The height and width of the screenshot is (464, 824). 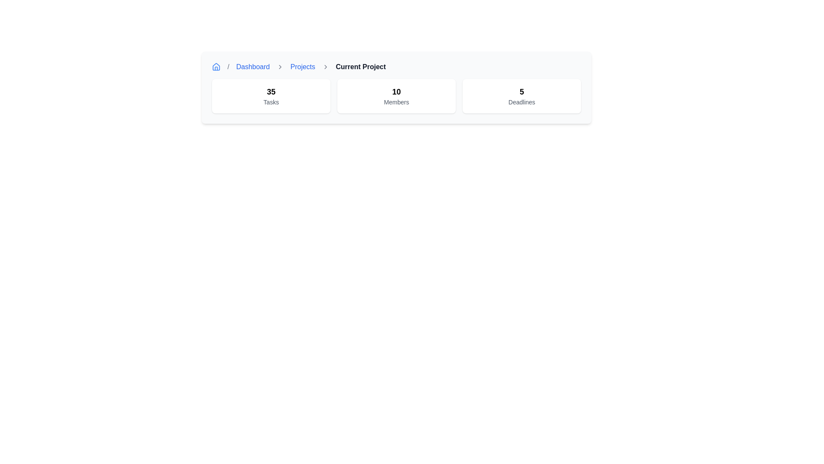 I want to click on the second chevron icon in the breadcrumb navigation bar, which serves as a visual separator and directional indicator, located between the 'Dashboard' and 'Projects' links, so click(x=280, y=66).